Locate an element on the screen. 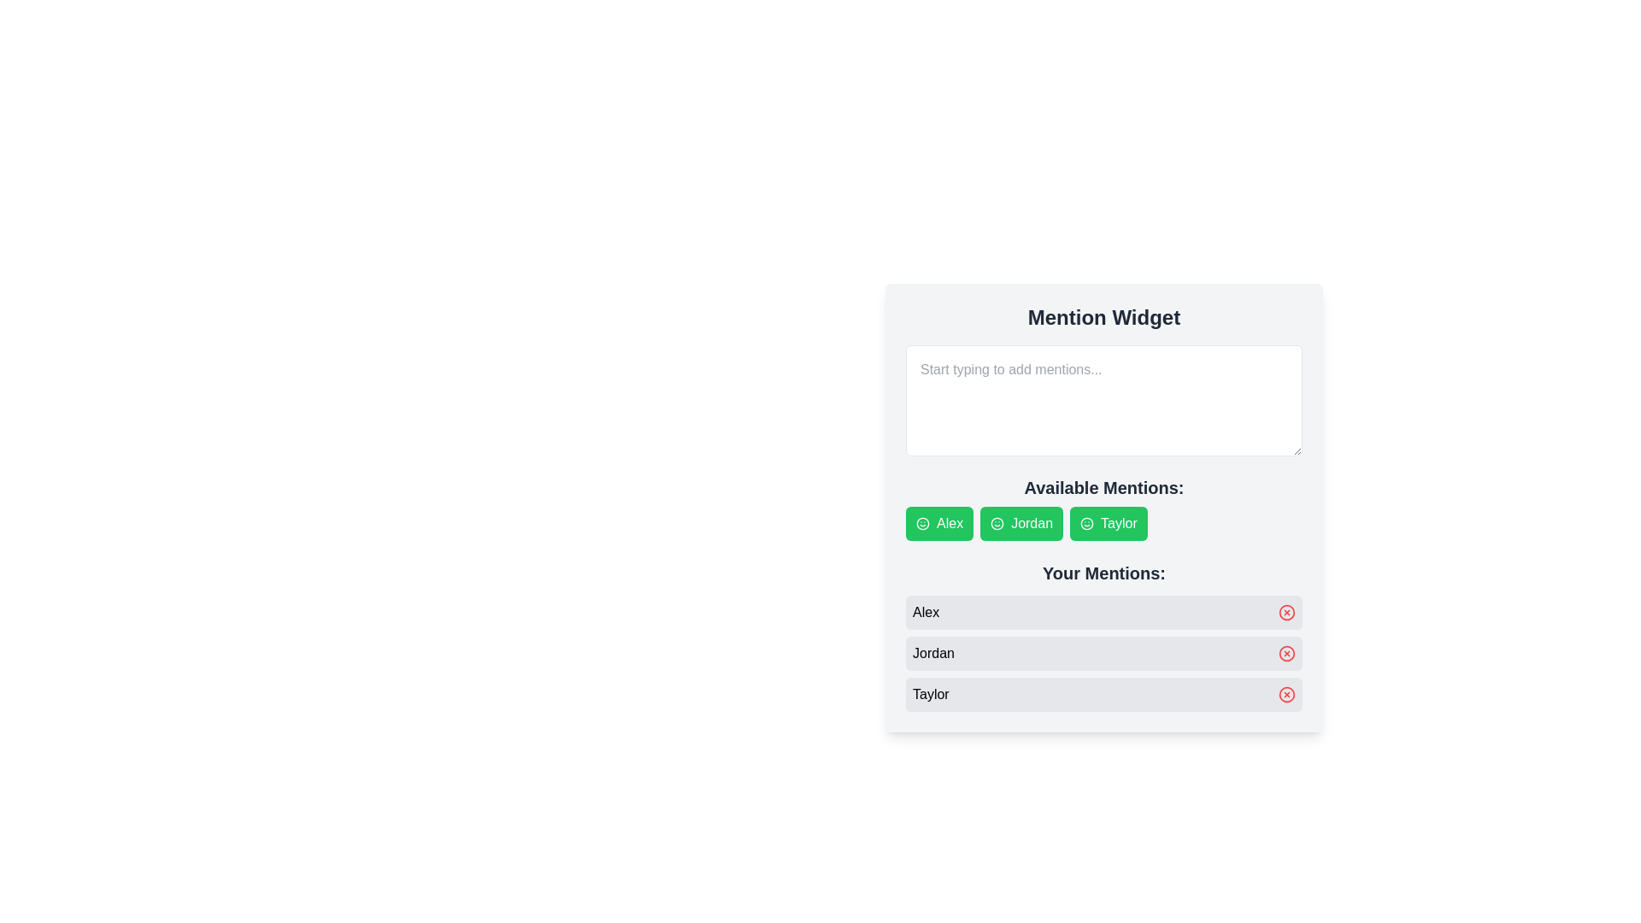  the removal button for the 'Jordan' mention in the 'Your Mentions' section is located at coordinates (1287, 653).